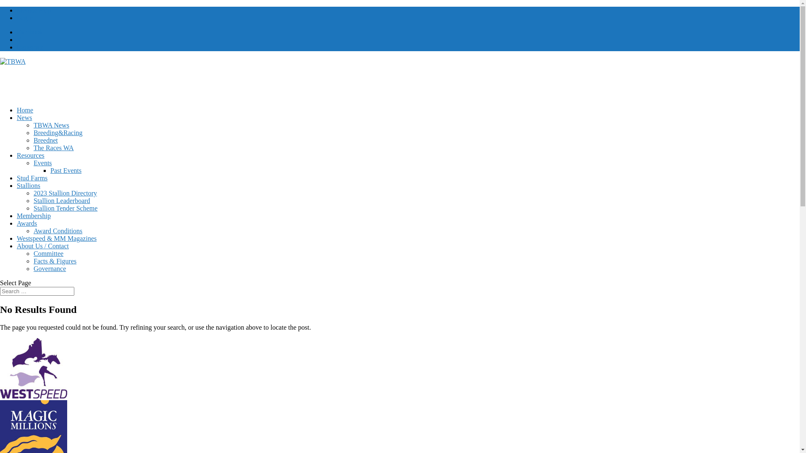 Image resolution: width=806 pixels, height=453 pixels. I want to click on 'Governance', so click(49, 268).